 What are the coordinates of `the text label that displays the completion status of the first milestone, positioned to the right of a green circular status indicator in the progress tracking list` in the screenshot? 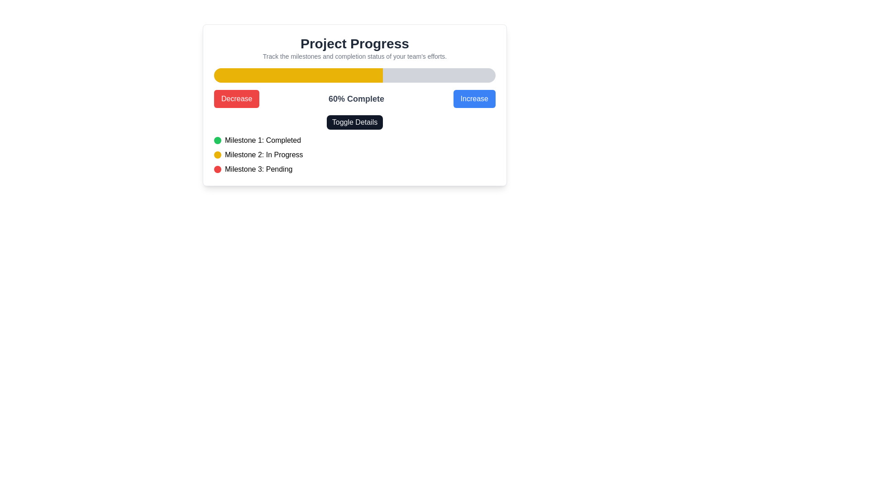 It's located at (262, 141).